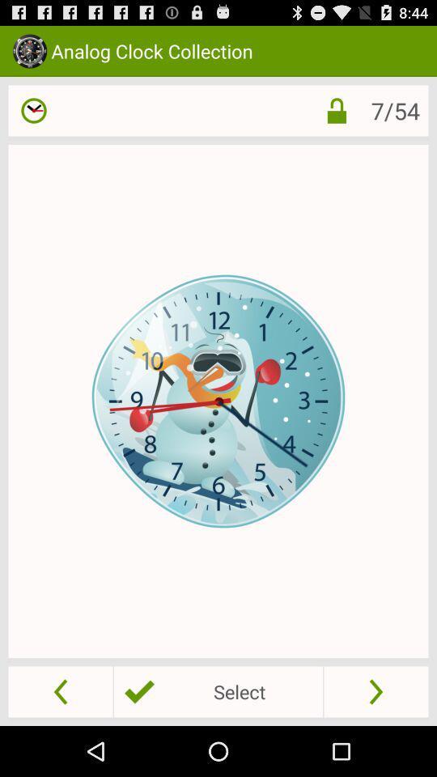 This screenshot has width=437, height=777. I want to click on the time icon, so click(34, 117).